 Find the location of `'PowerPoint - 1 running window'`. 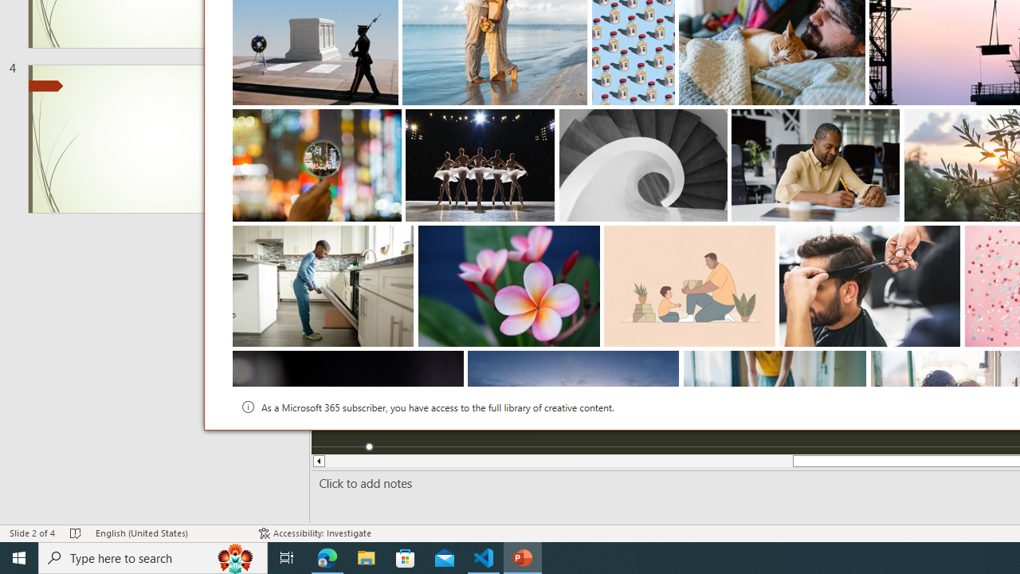

'PowerPoint - 1 running window' is located at coordinates (523, 556).